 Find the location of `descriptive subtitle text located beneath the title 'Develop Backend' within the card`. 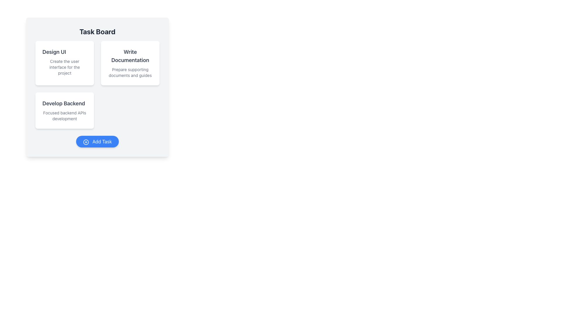

descriptive subtitle text located beneath the title 'Develop Backend' within the card is located at coordinates (64, 116).